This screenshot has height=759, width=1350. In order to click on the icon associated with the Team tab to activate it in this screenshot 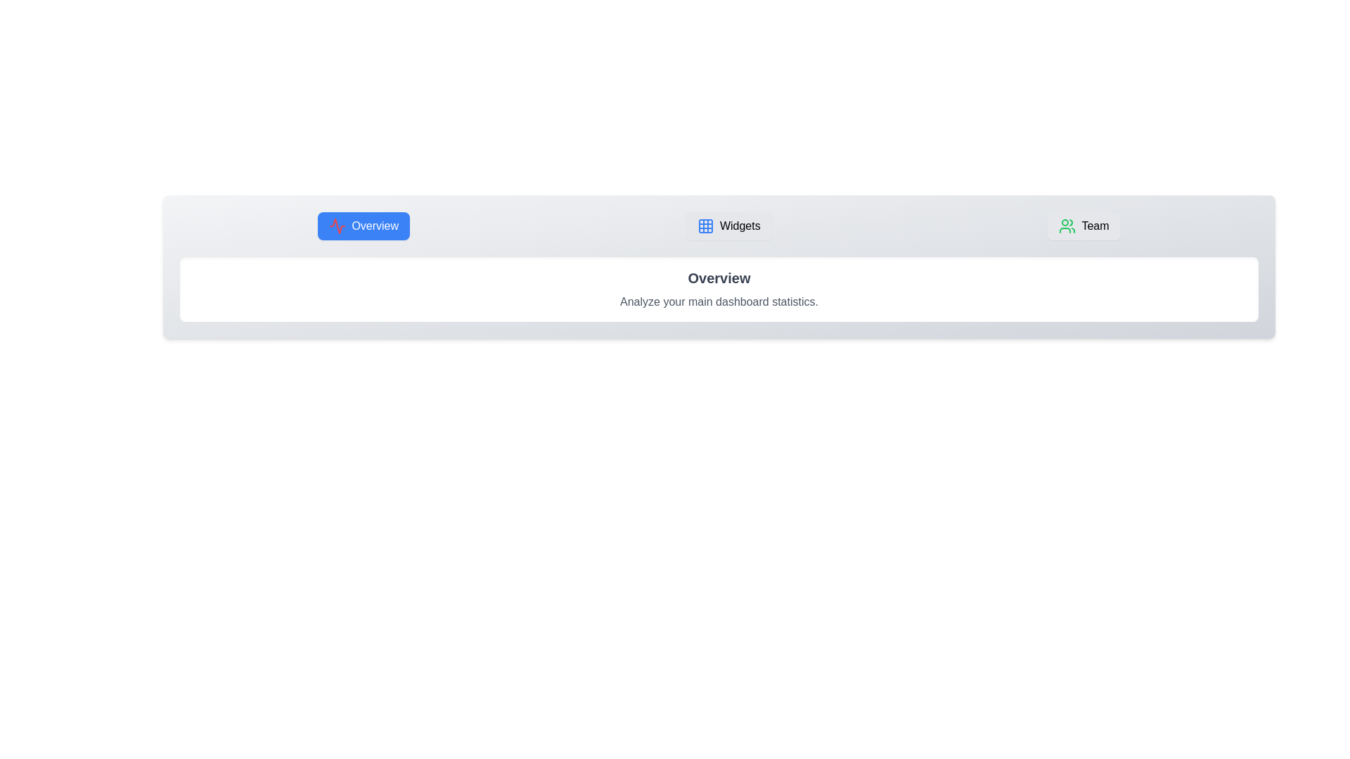, I will do `click(1067, 225)`.